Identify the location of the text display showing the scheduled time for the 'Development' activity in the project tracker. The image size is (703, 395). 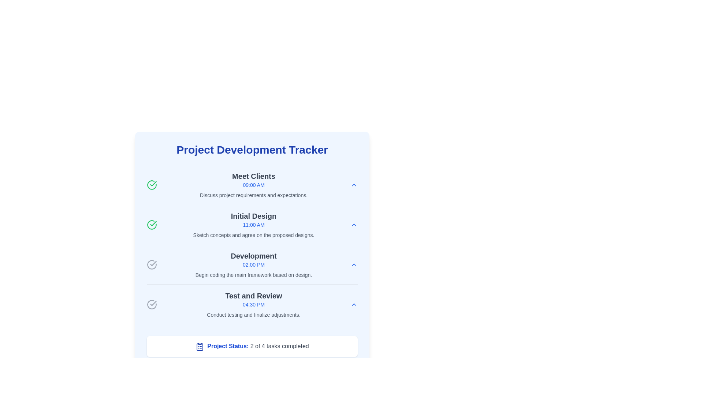
(253, 265).